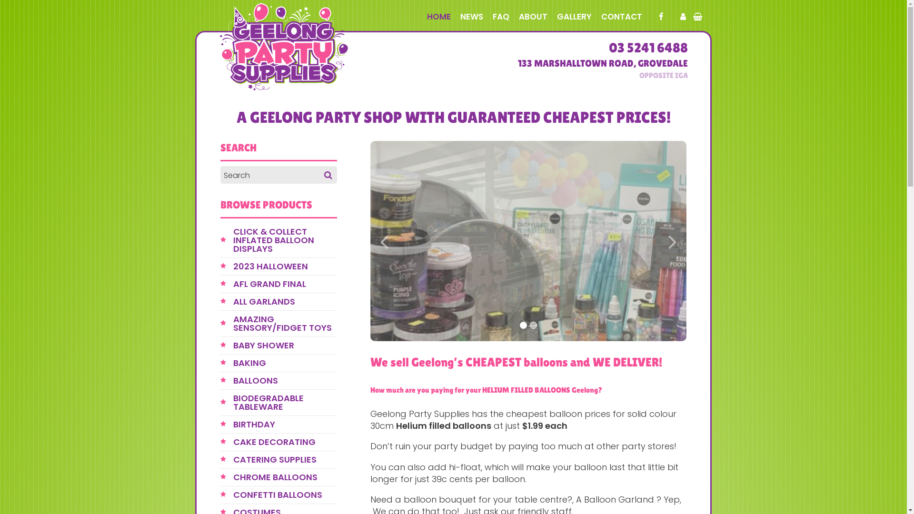 The height and width of the screenshot is (514, 914). I want to click on 'FAQ', so click(500, 16).